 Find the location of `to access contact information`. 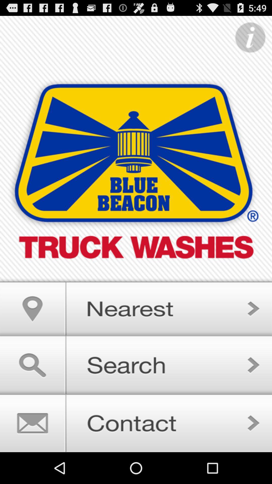

to access contact information is located at coordinates (136, 423).